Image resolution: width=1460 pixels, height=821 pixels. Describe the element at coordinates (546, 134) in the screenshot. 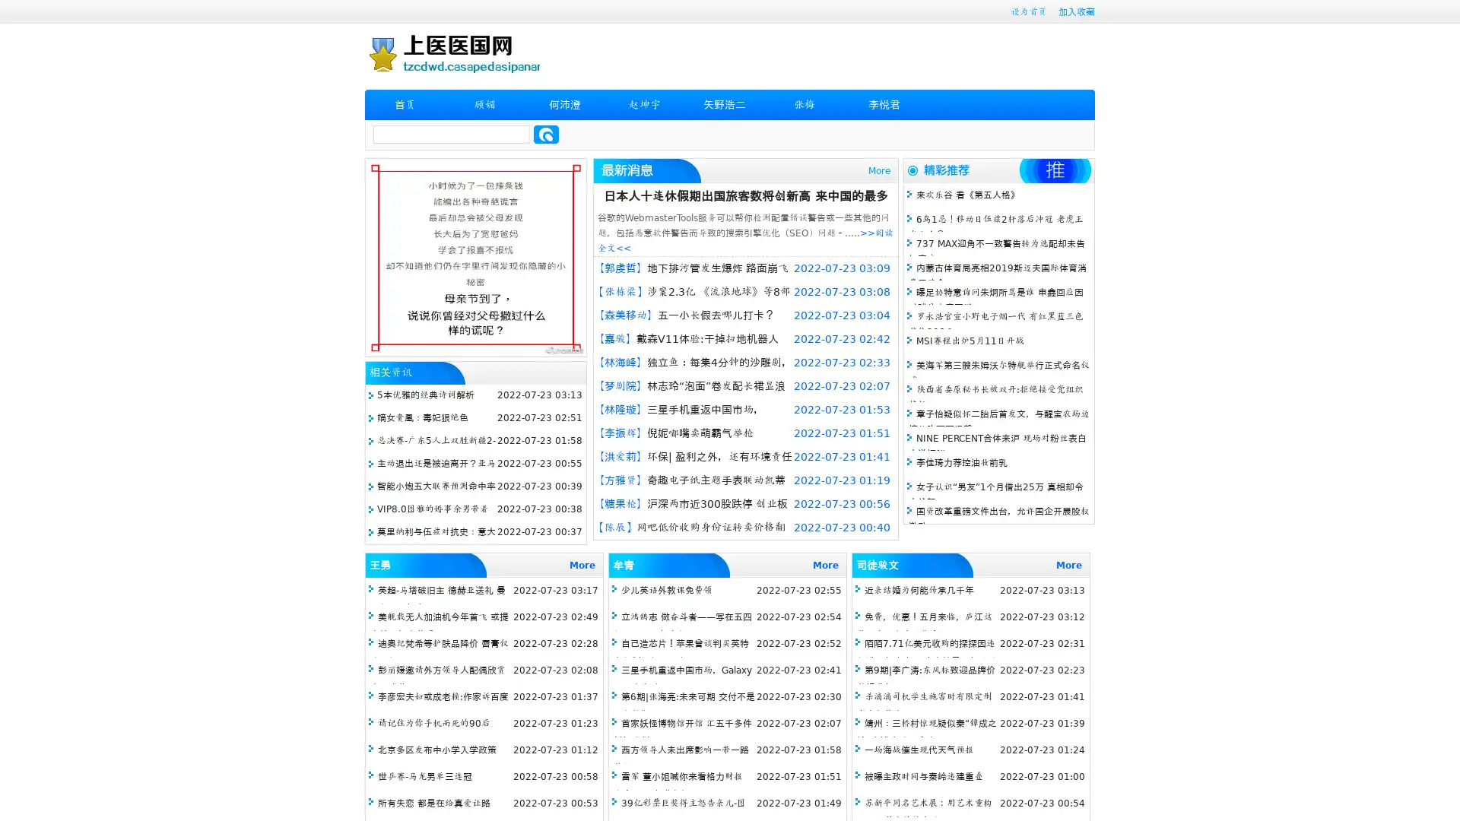

I see `Search` at that location.